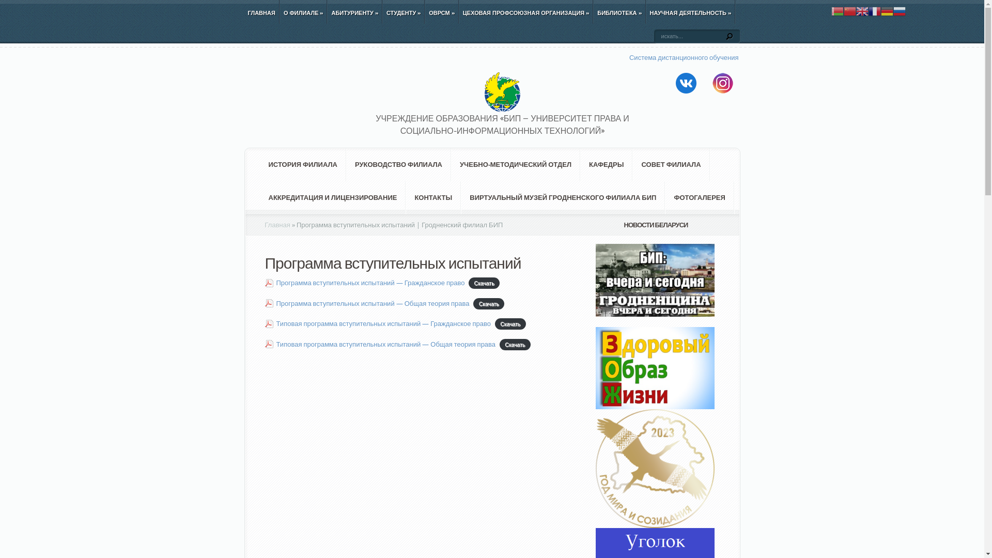 The width and height of the screenshot is (992, 558). I want to click on 'Russian', so click(899, 10).